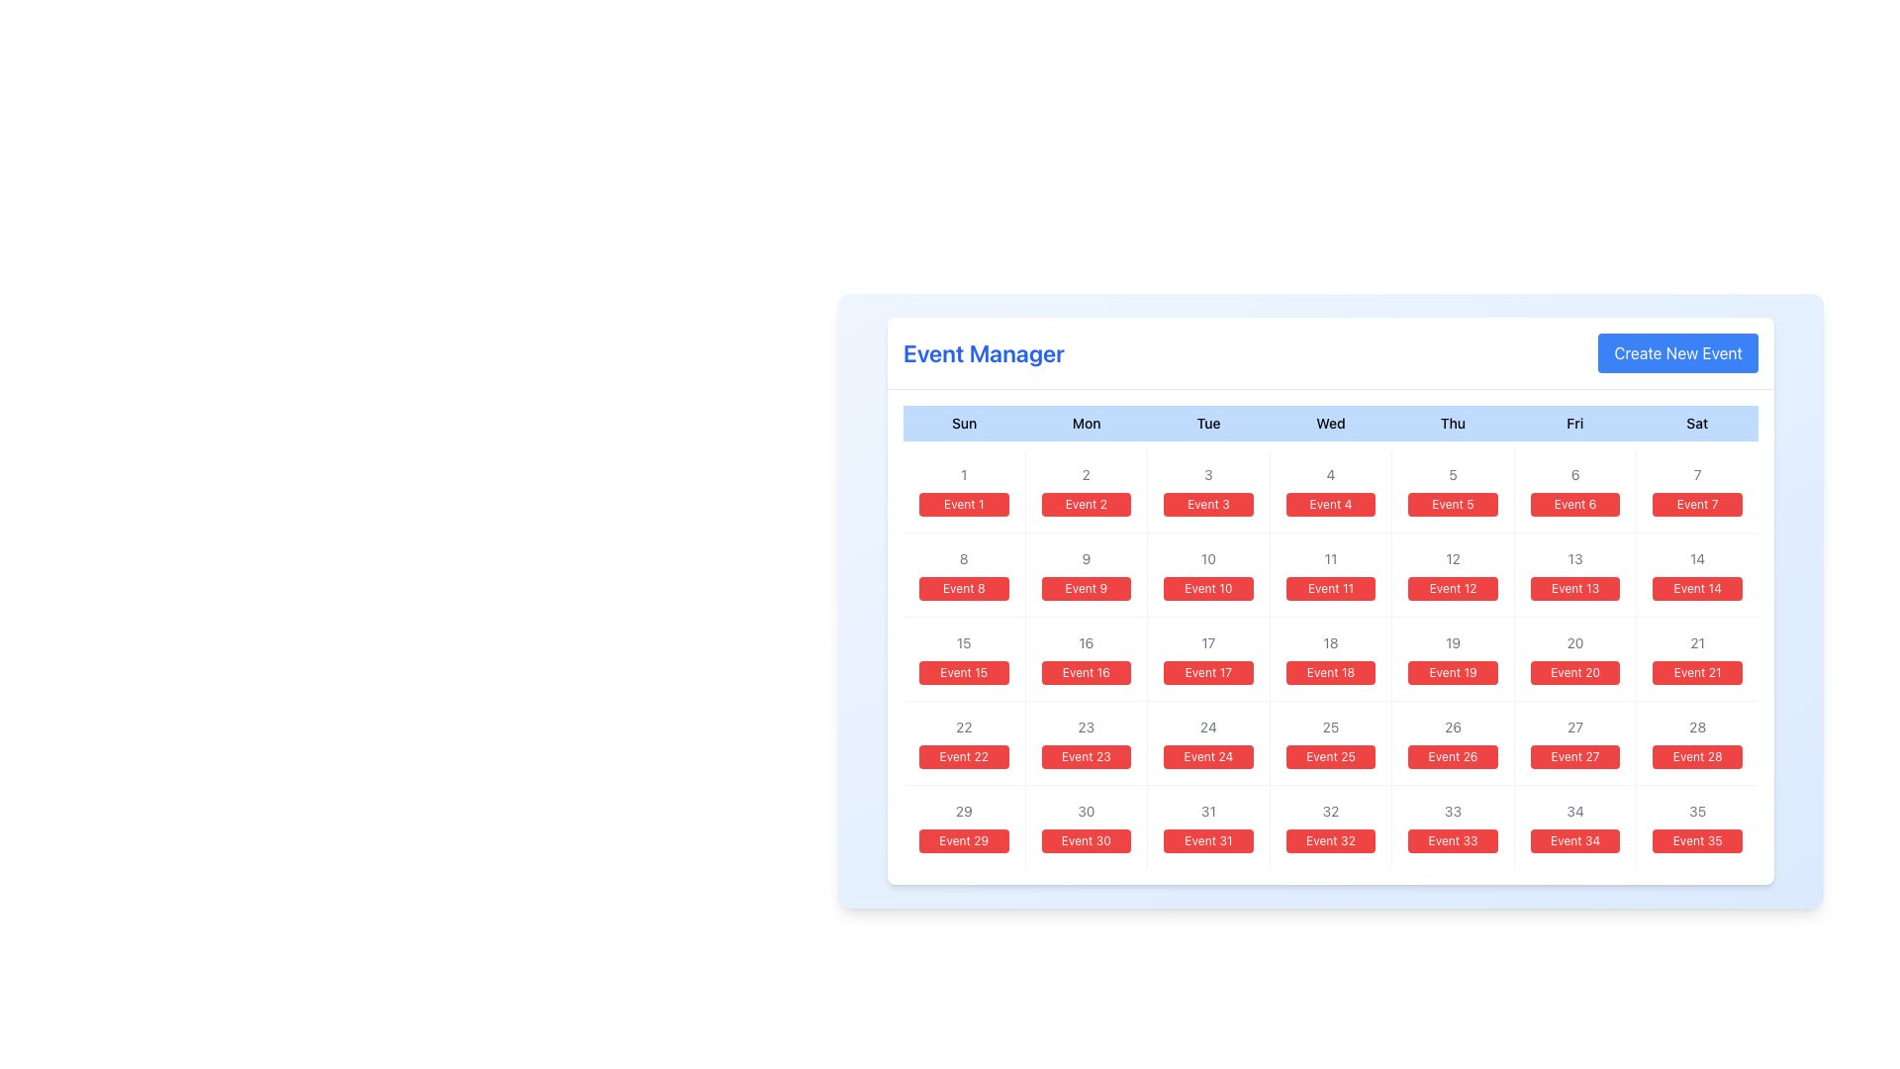 This screenshot has width=1900, height=1069. I want to click on the styled text label representing the event on the date '6' in the Friday column of the calendar grid interface, so click(1574, 503).